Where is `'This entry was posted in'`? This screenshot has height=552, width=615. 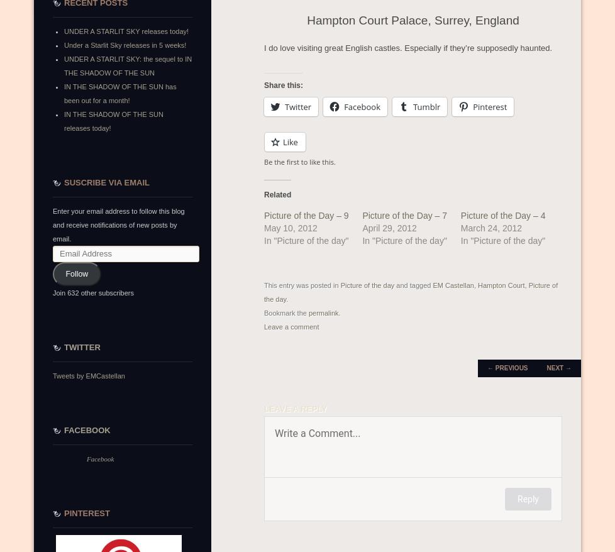
'This entry was posted in' is located at coordinates (263, 285).